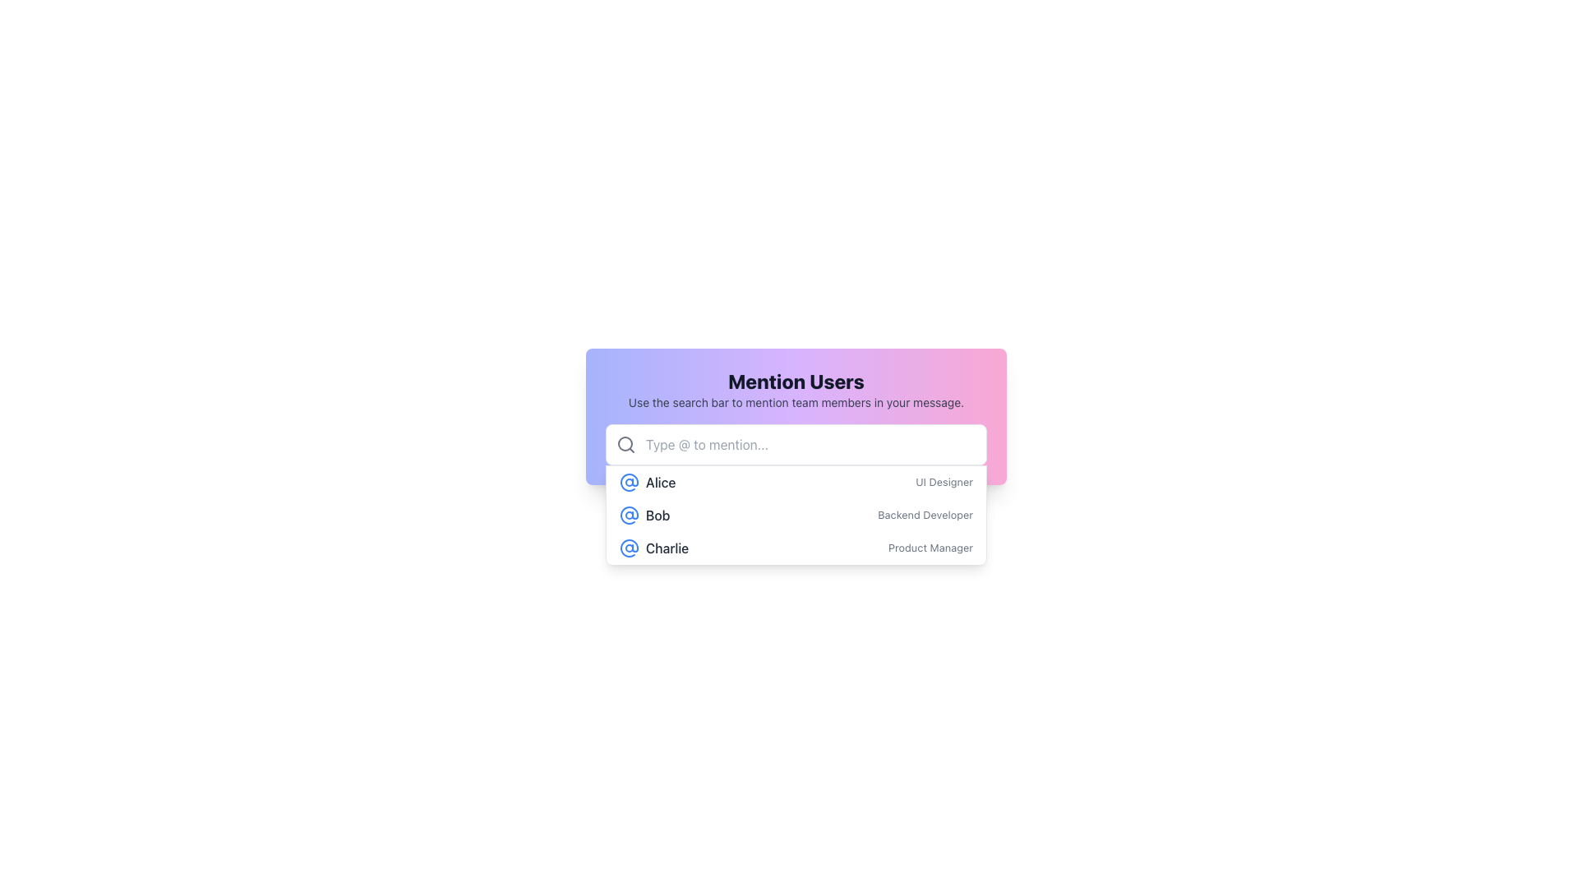  What do you see at coordinates (644, 515) in the screenshot?
I see `the text label element displaying the name 'Bob' in a dropdown list, which is styled with a medium weight gray font and positioned to the right of an @ symbol icon` at bounding box center [644, 515].